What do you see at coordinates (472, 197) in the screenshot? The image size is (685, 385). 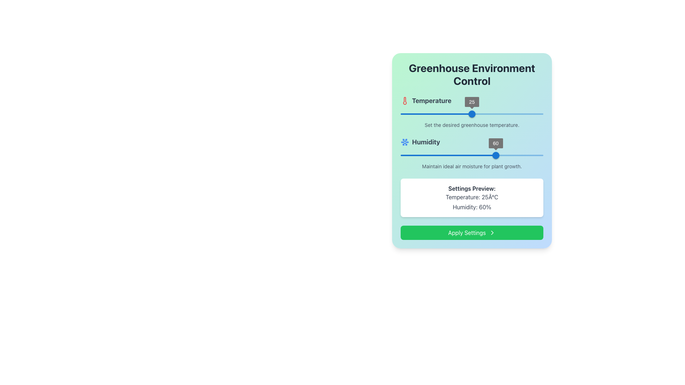 I see `the static text element displaying 'Temperature: 25°C', which is located below the sliders labeled 'Temperature' and 'Humidity', and is the first line in the summary group` at bounding box center [472, 197].